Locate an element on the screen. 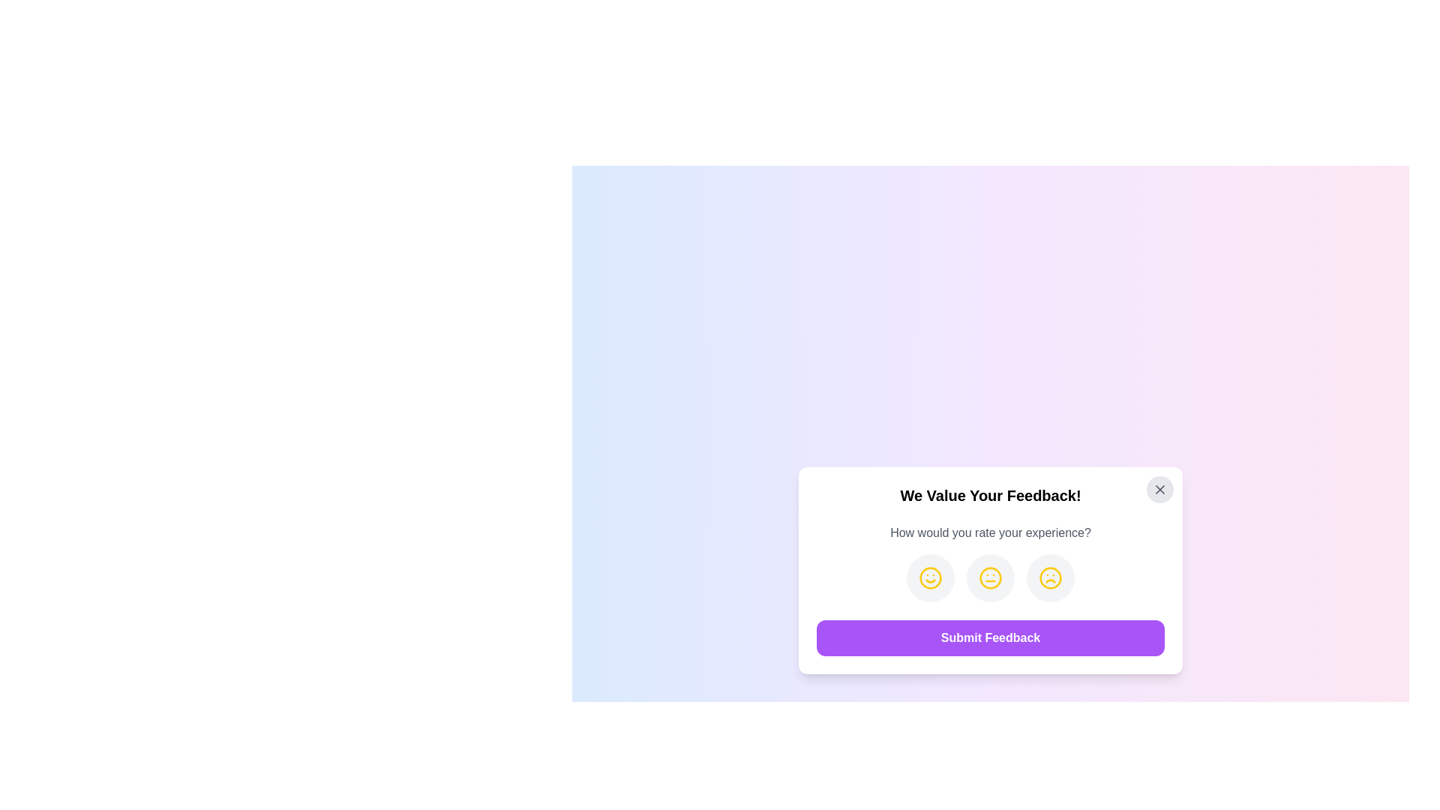 The height and width of the screenshot is (810, 1440). the left-most interactive button with an icon in the feedback modal dialog is located at coordinates (930, 577).